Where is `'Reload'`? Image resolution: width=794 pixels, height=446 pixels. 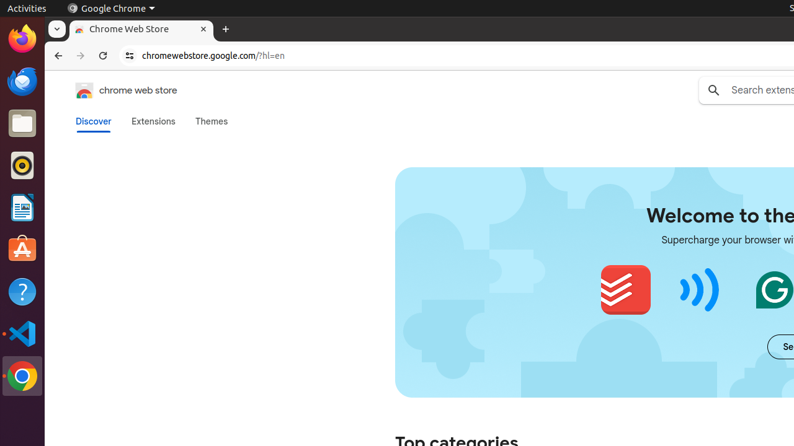 'Reload' is located at coordinates (103, 56).